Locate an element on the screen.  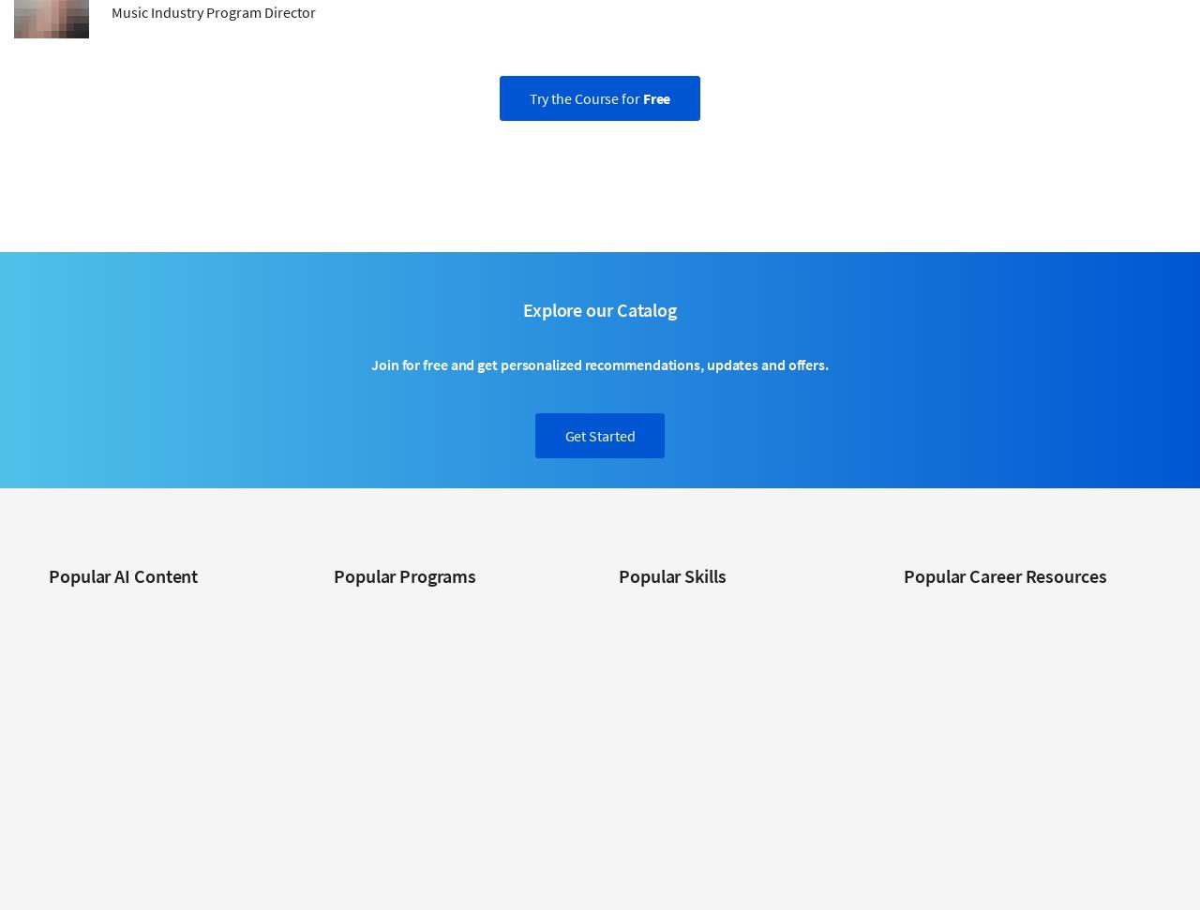
'Product Management Courses' is located at coordinates (701, 805).